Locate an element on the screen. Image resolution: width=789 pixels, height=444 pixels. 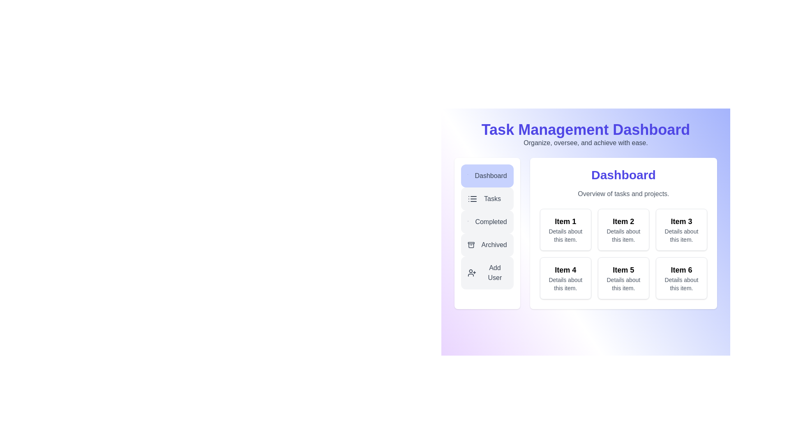
the Add User button in the sidebar menu to navigate to the corresponding section is located at coordinates (487, 273).